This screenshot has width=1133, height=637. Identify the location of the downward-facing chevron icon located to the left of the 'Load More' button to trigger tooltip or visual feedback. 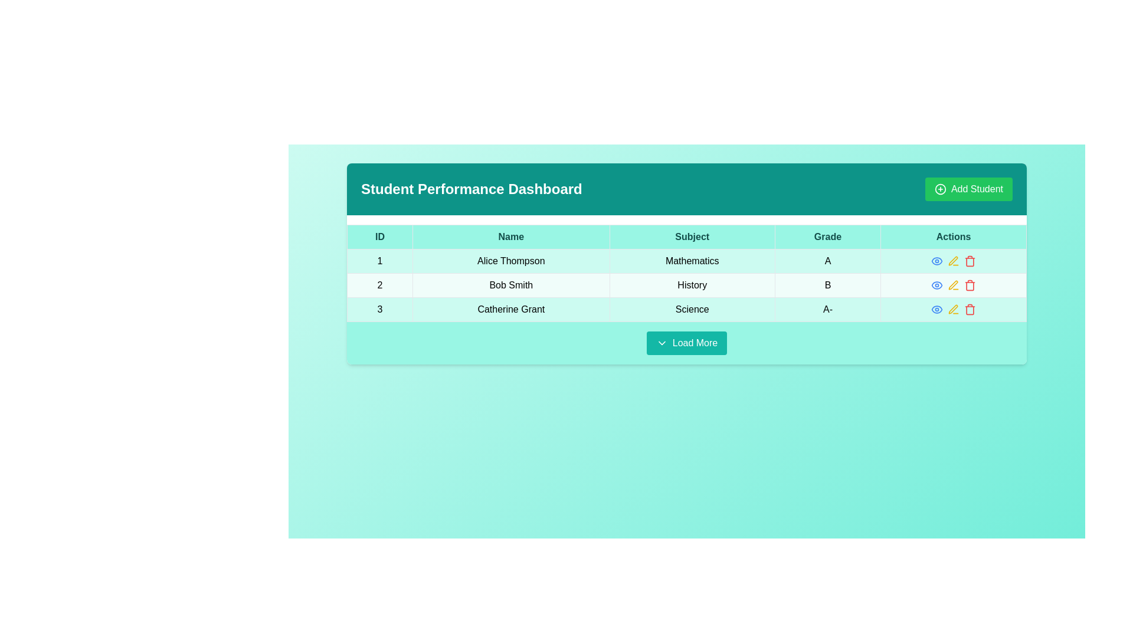
(662, 343).